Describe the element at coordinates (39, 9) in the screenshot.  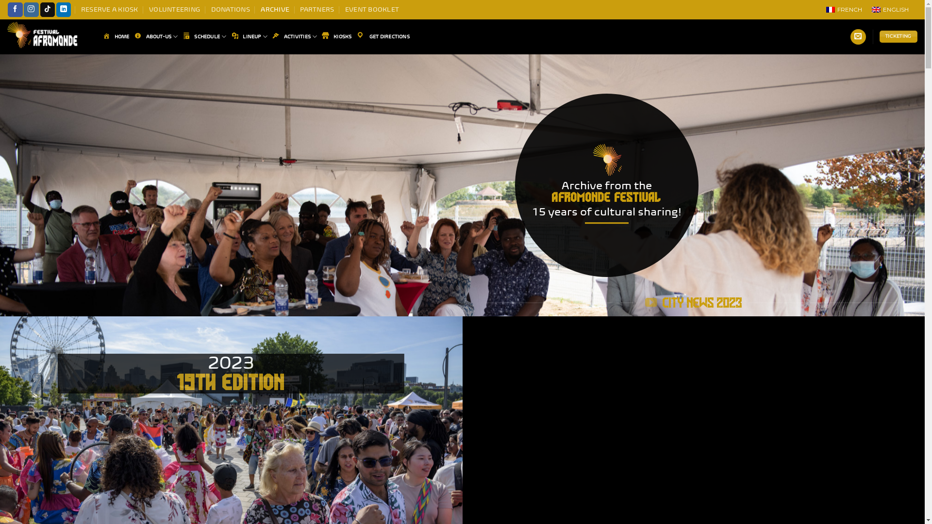
I see `'Follow on TikTok'` at that location.